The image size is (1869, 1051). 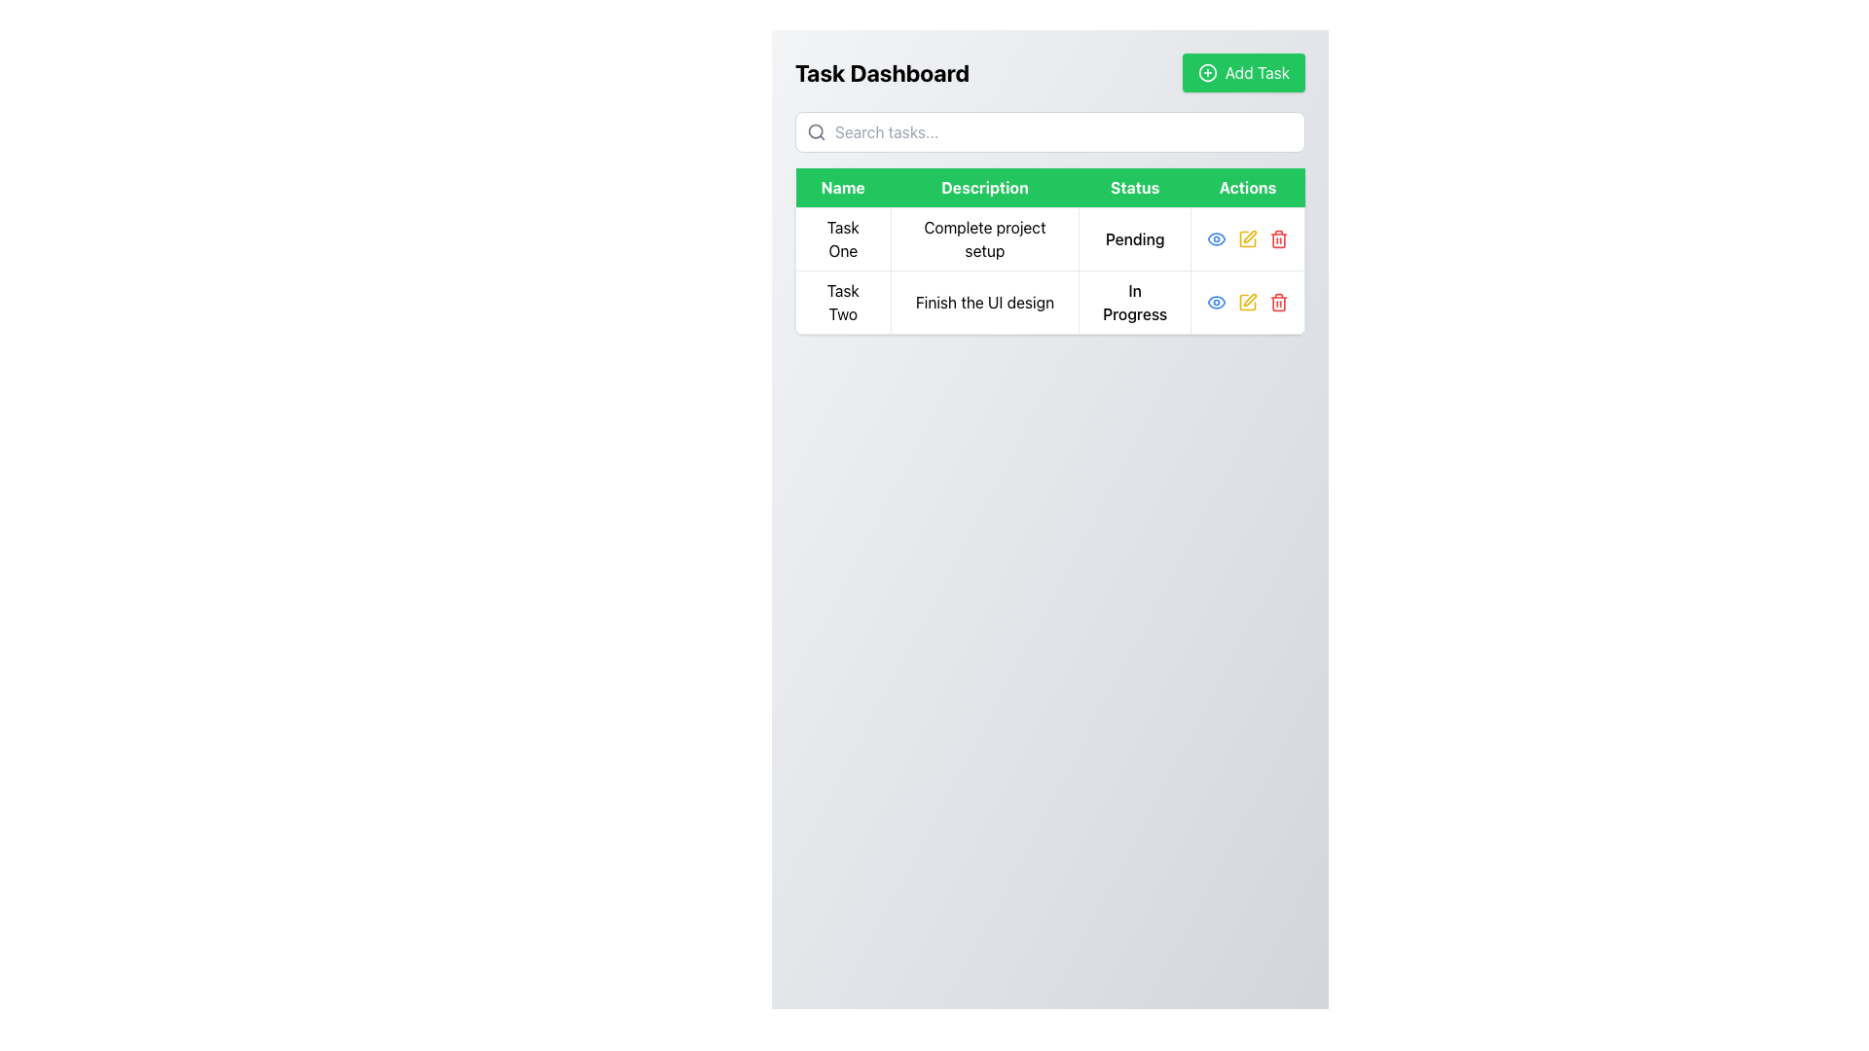 What do you see at coordinates (1241, 71) in the screenshot?
I see `the button located at the top-right corner of the interface` at bounding box center [1241, 71].